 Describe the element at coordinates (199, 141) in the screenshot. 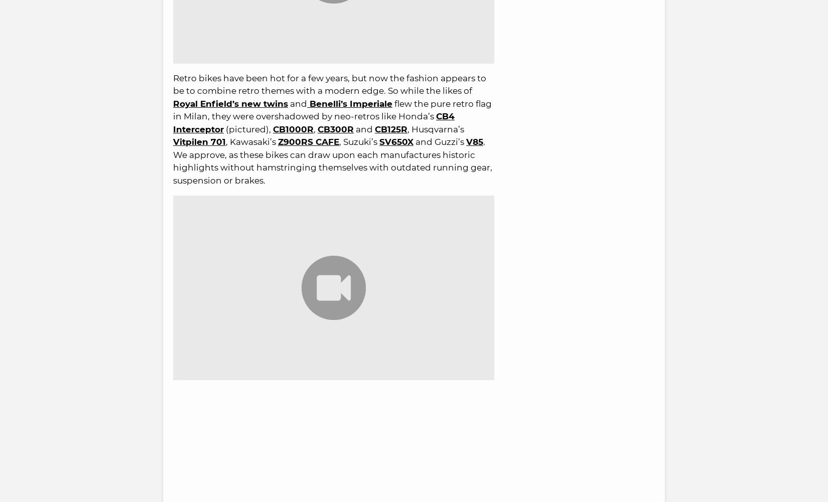

I see `'Vitpilen 701'` at that location.